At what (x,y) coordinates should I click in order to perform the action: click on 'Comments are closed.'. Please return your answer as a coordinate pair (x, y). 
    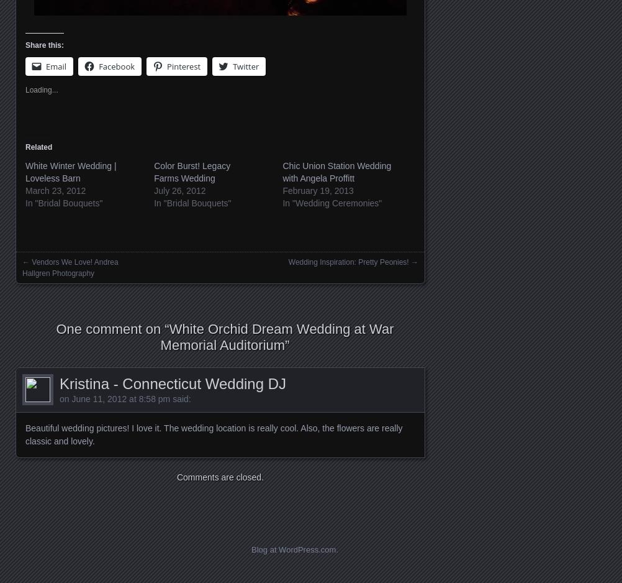
    Looking at the image, I should click on (220, 477).